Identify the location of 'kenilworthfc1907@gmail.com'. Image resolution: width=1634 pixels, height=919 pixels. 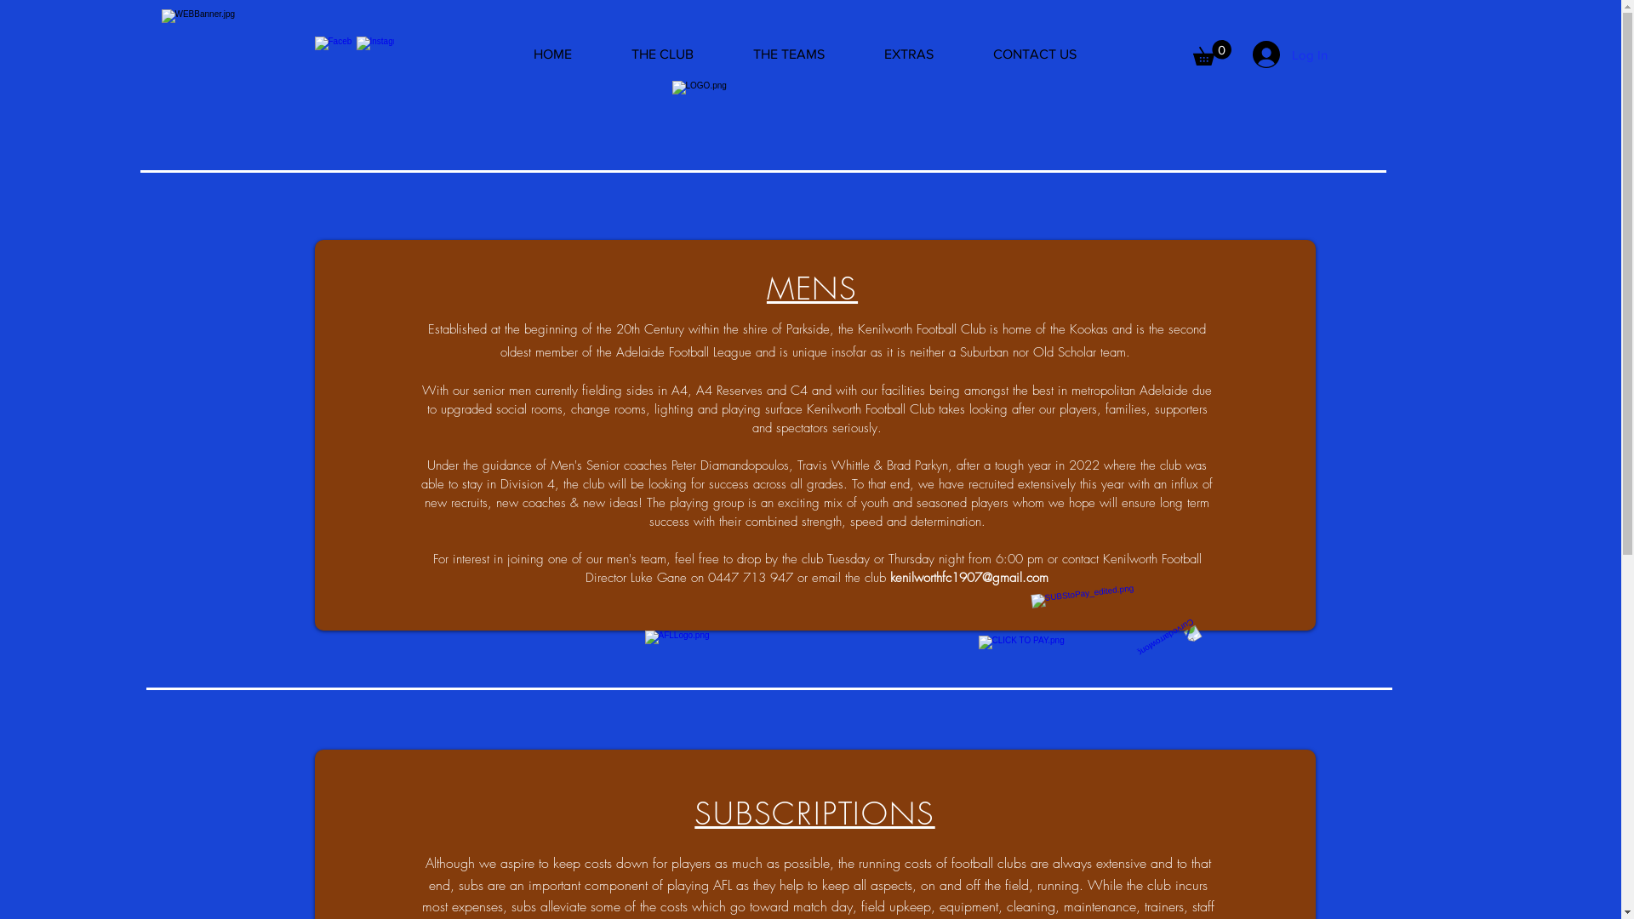
(968, 576).